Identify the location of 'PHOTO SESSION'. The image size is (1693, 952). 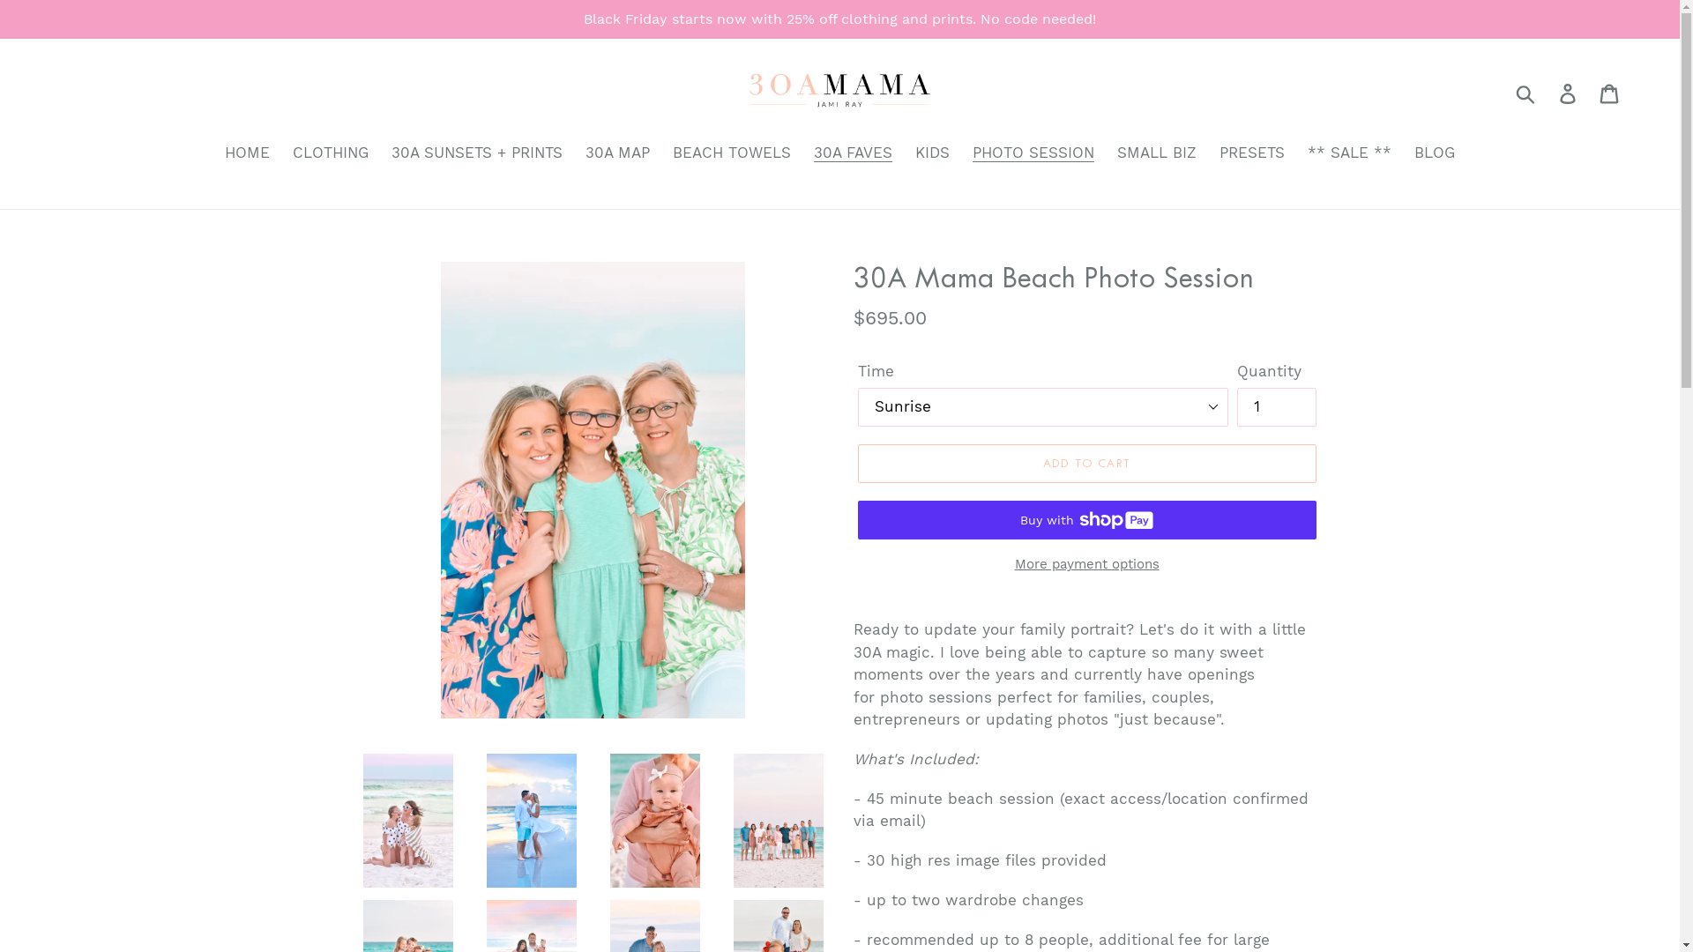
(1033, 153).